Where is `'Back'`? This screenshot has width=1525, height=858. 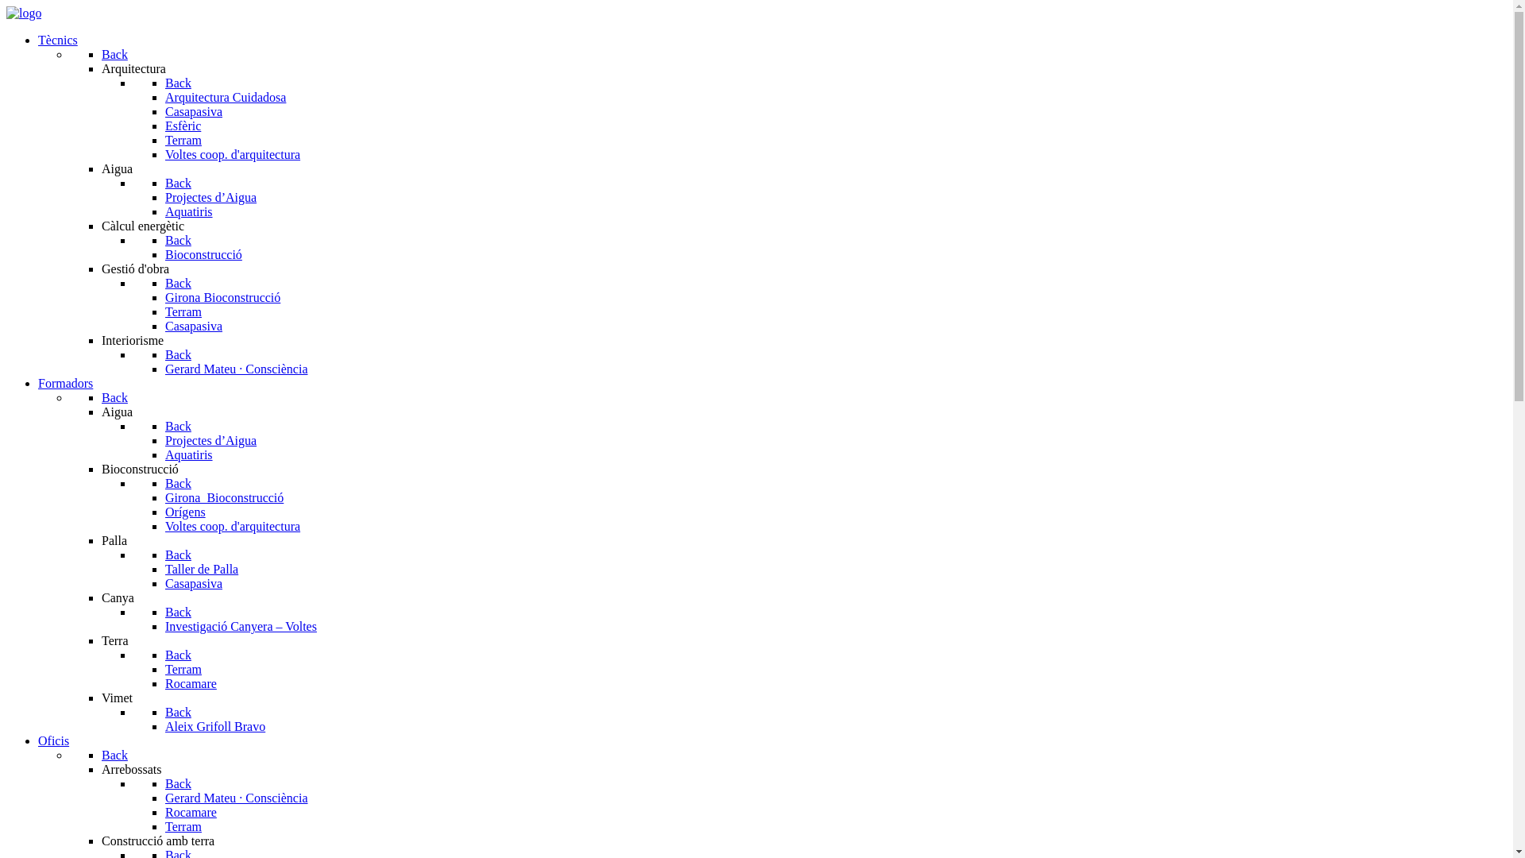
'Back' is located at coordinates (114, 53).